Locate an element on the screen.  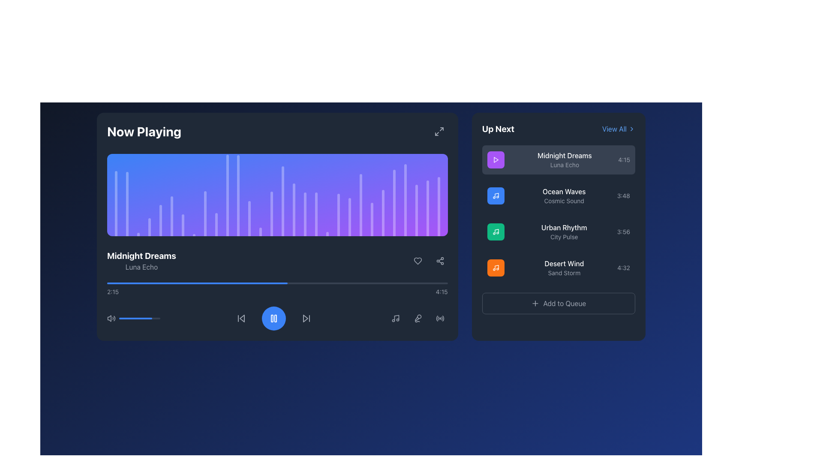
the 13th decorative visual bar representing audio frequency or amplitude level in the waveform display located in the Now Playing panel is located at coordinates (260, 232).